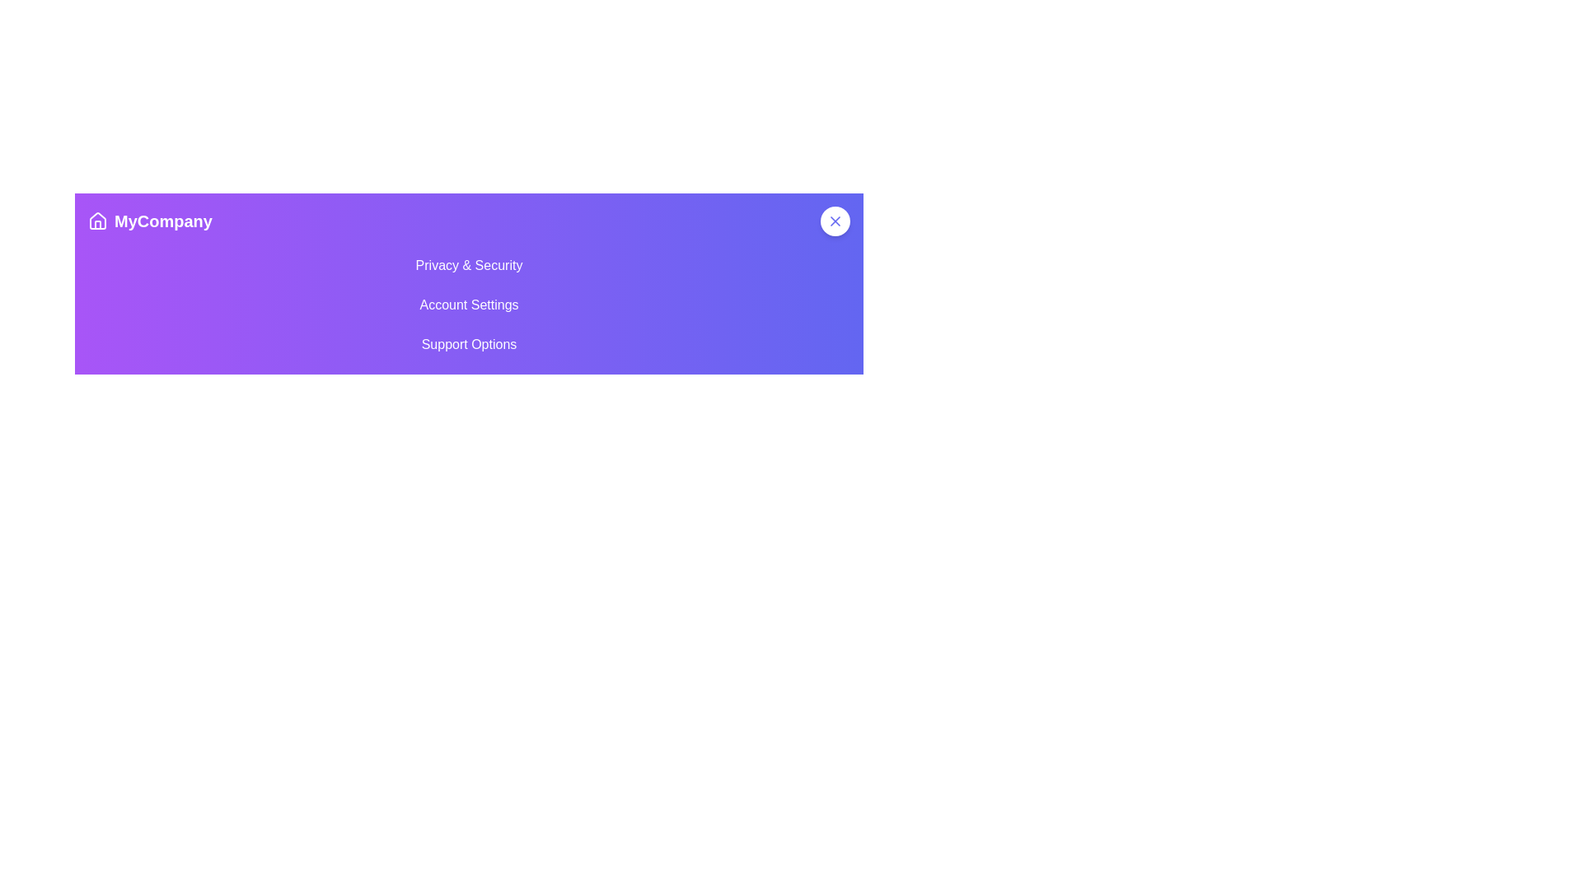 This screenshot has height=889, width=1582. What do you see at coordinates (468, 282) in the screenshot?
I see `navigation header panel that provides options for Privacy & Security, Account Settings, and Support Options` at bounding box center [468, 282].